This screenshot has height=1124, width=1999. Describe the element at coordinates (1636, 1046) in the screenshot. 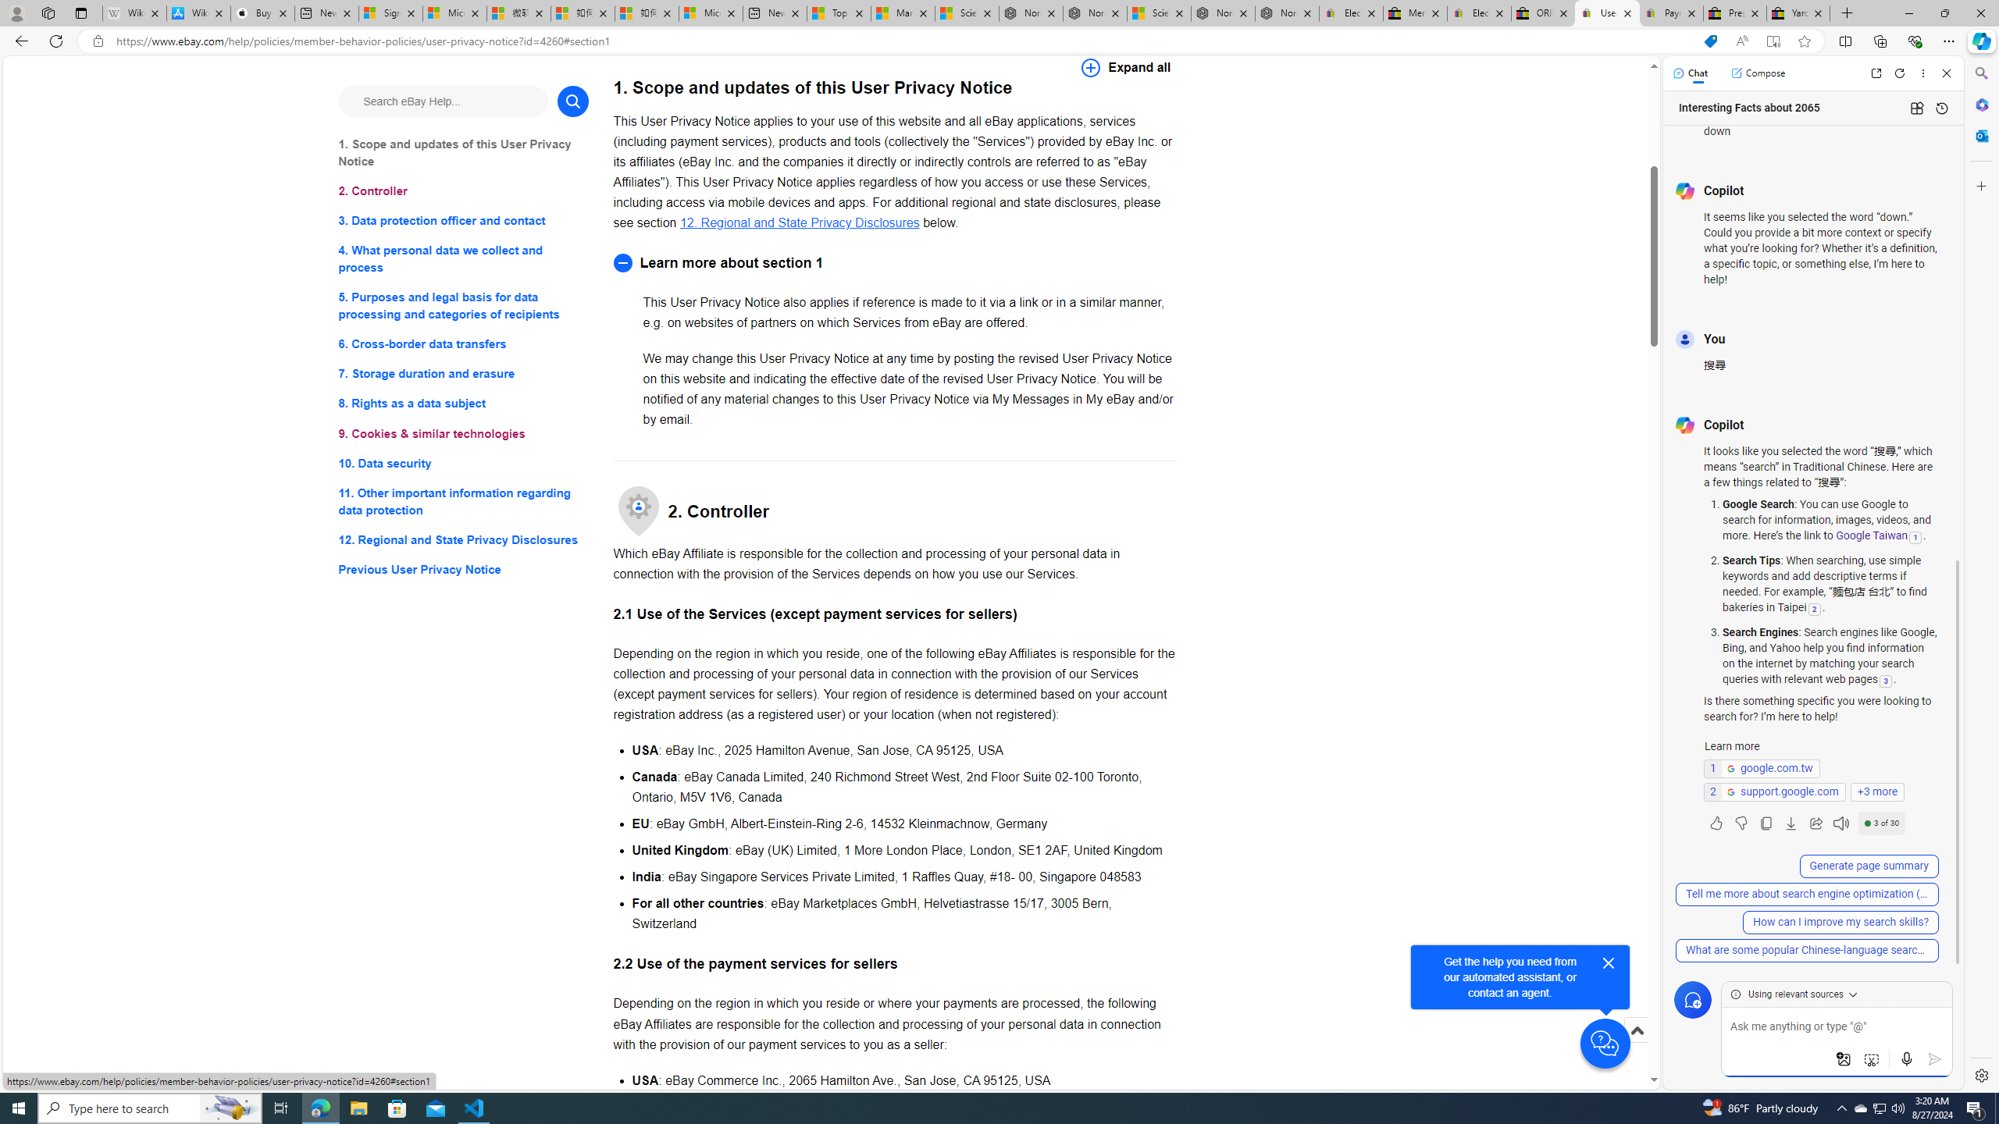

I see `'Scroll to top'` at that location.